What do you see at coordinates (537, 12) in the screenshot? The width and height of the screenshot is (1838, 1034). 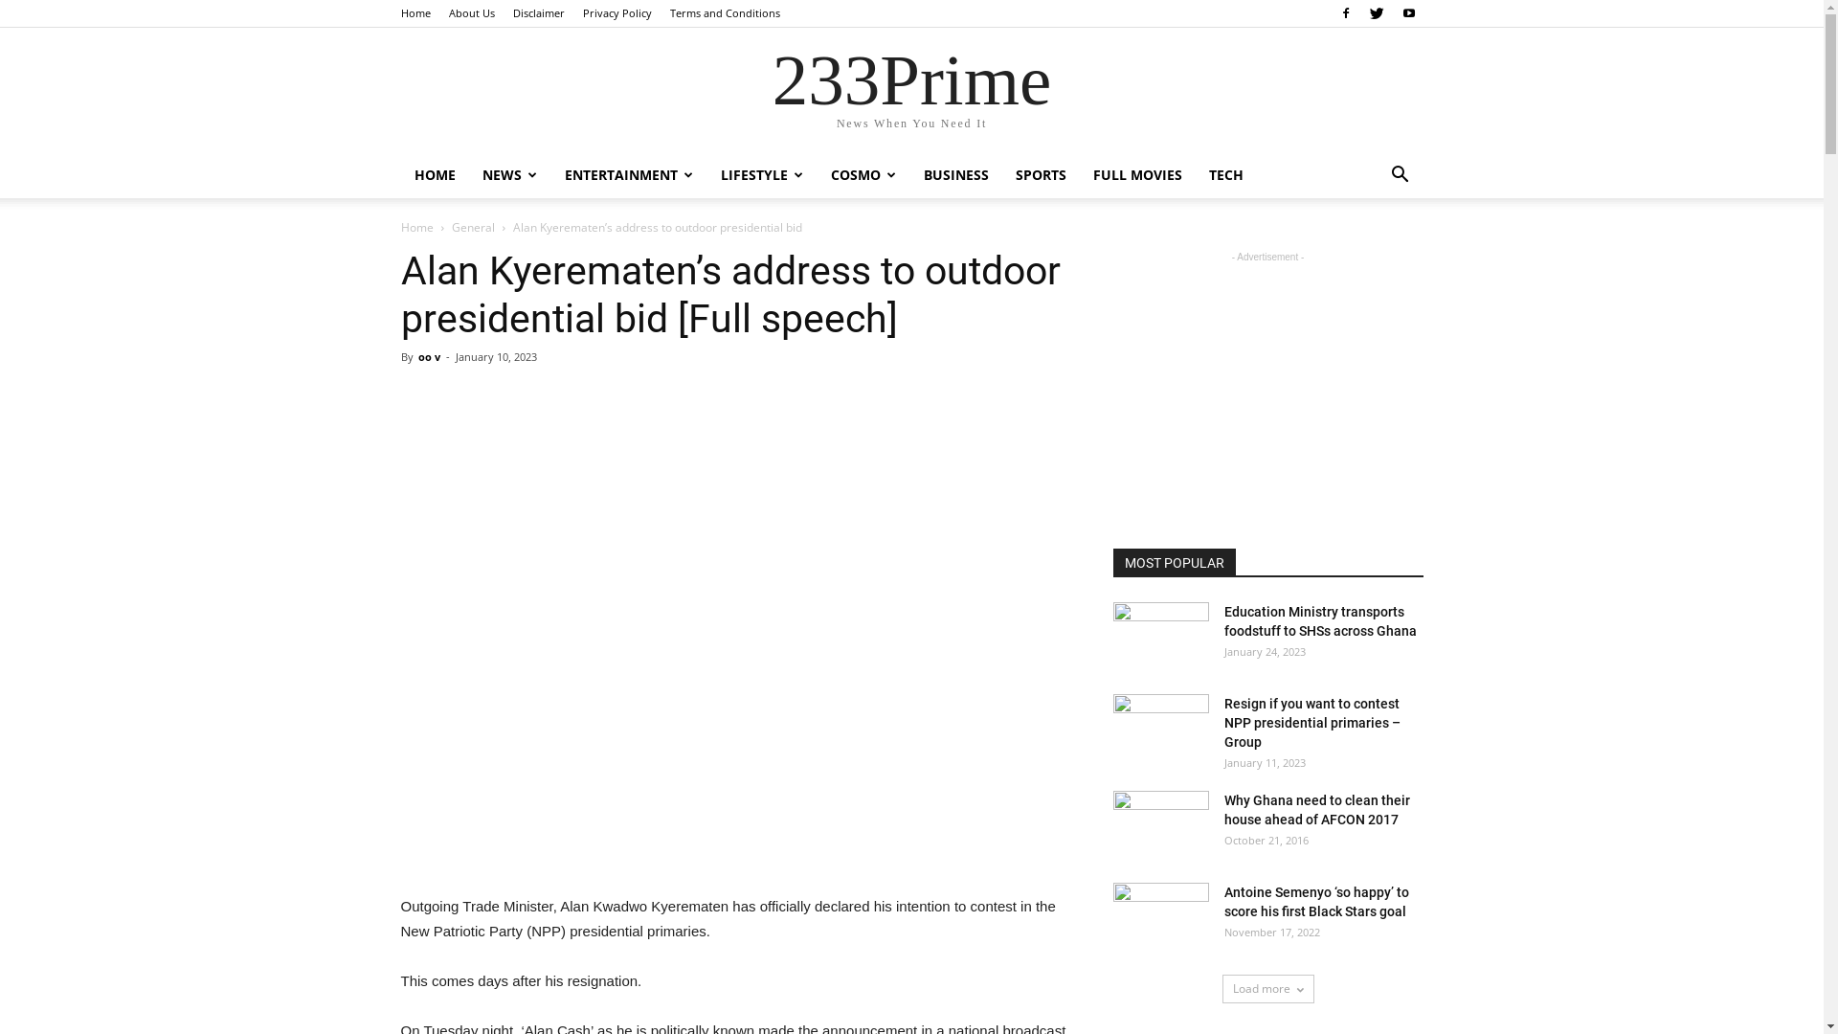 I see `'Disclaimer'` at bounding box center [537, 12].